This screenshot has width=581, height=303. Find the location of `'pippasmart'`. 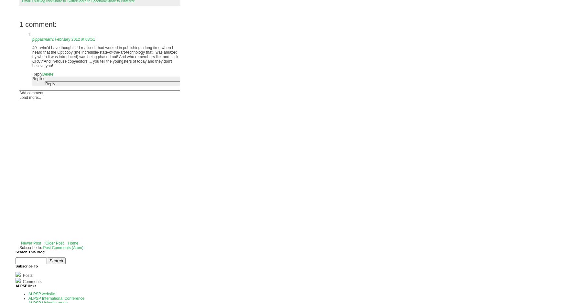

'pippasmart' is located at coordinates (41, 39).